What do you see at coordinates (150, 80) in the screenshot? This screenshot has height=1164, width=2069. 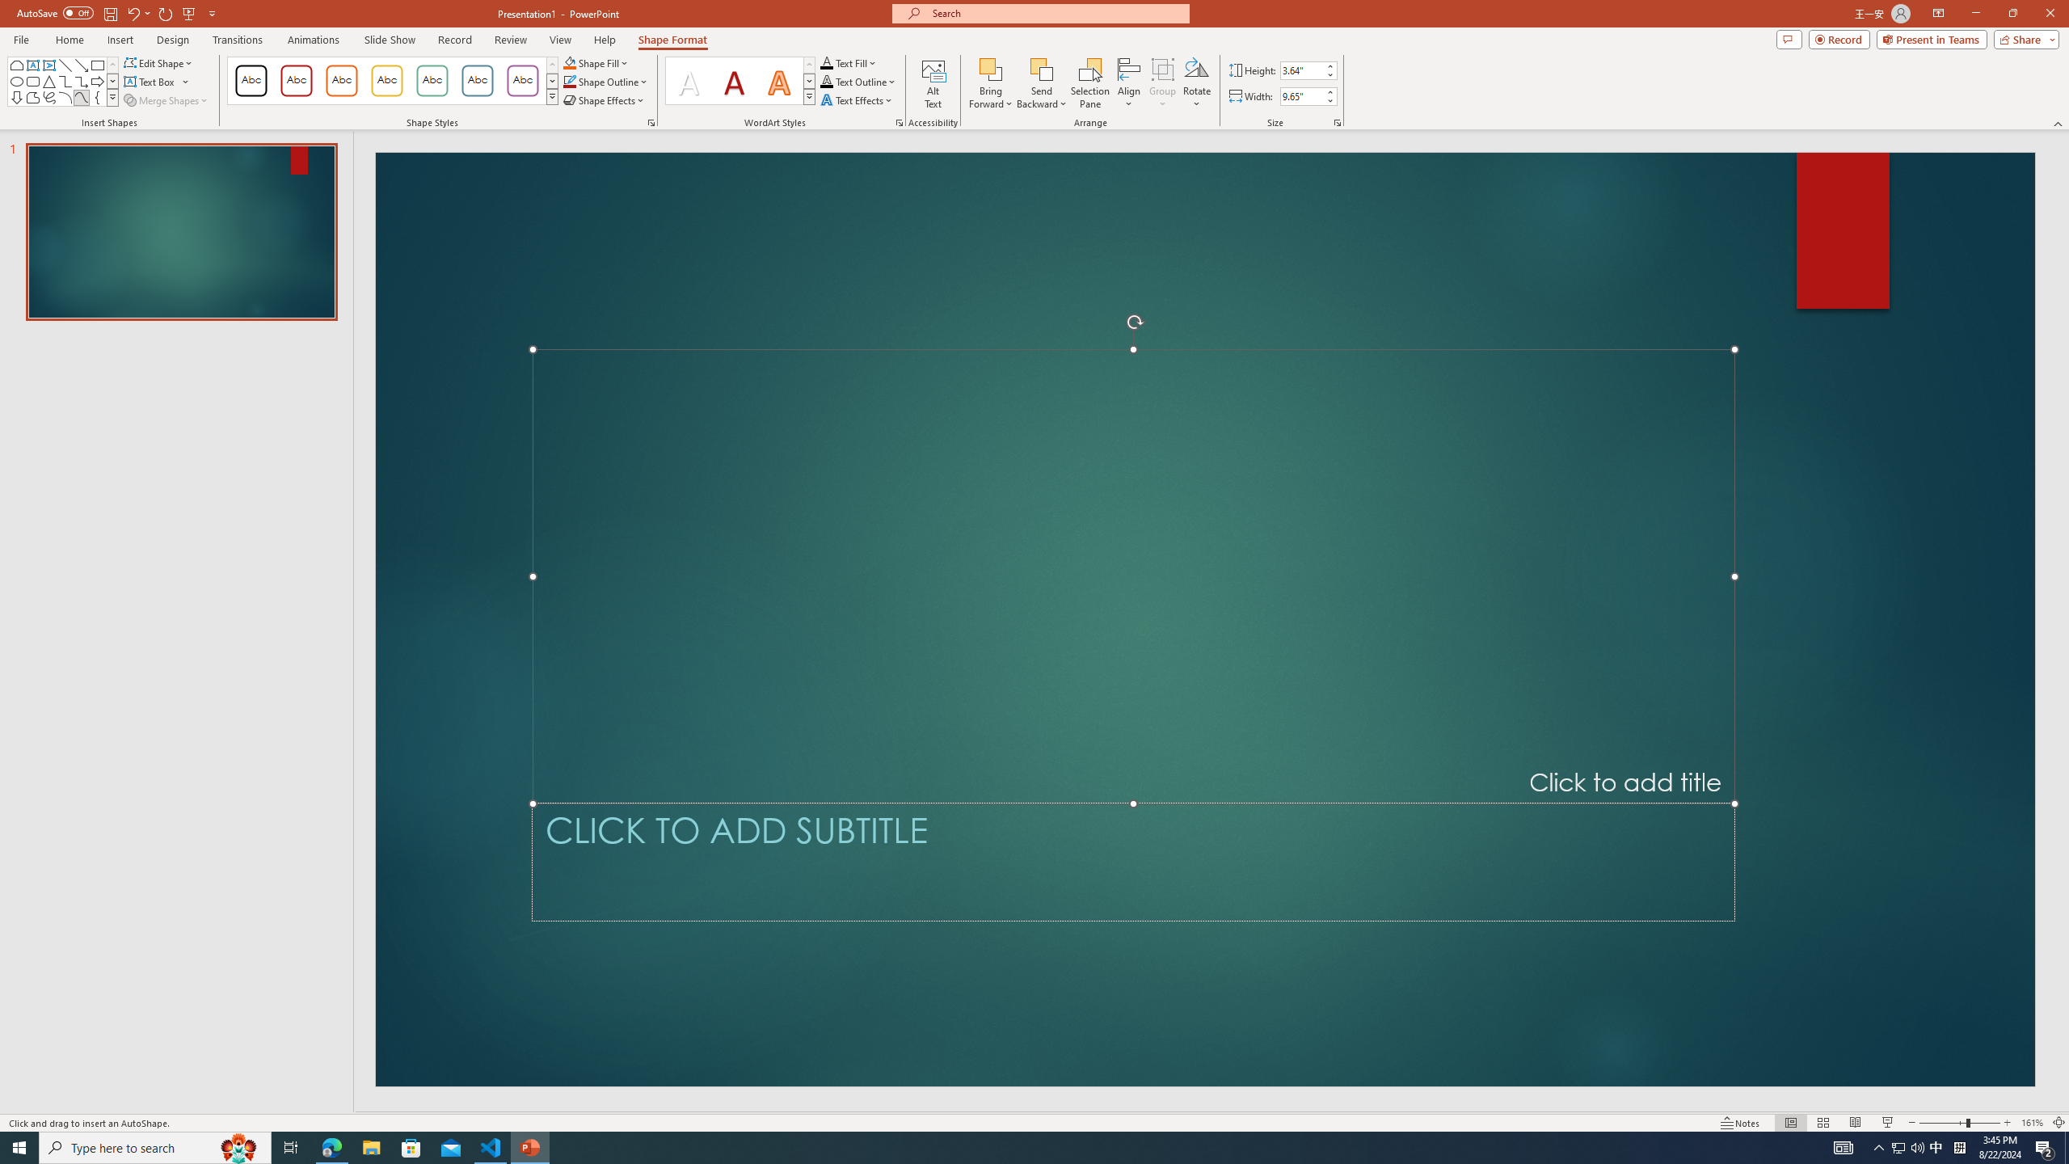 I see `'Draw Horizontal Text Box'` at bounding box center [150, 80].